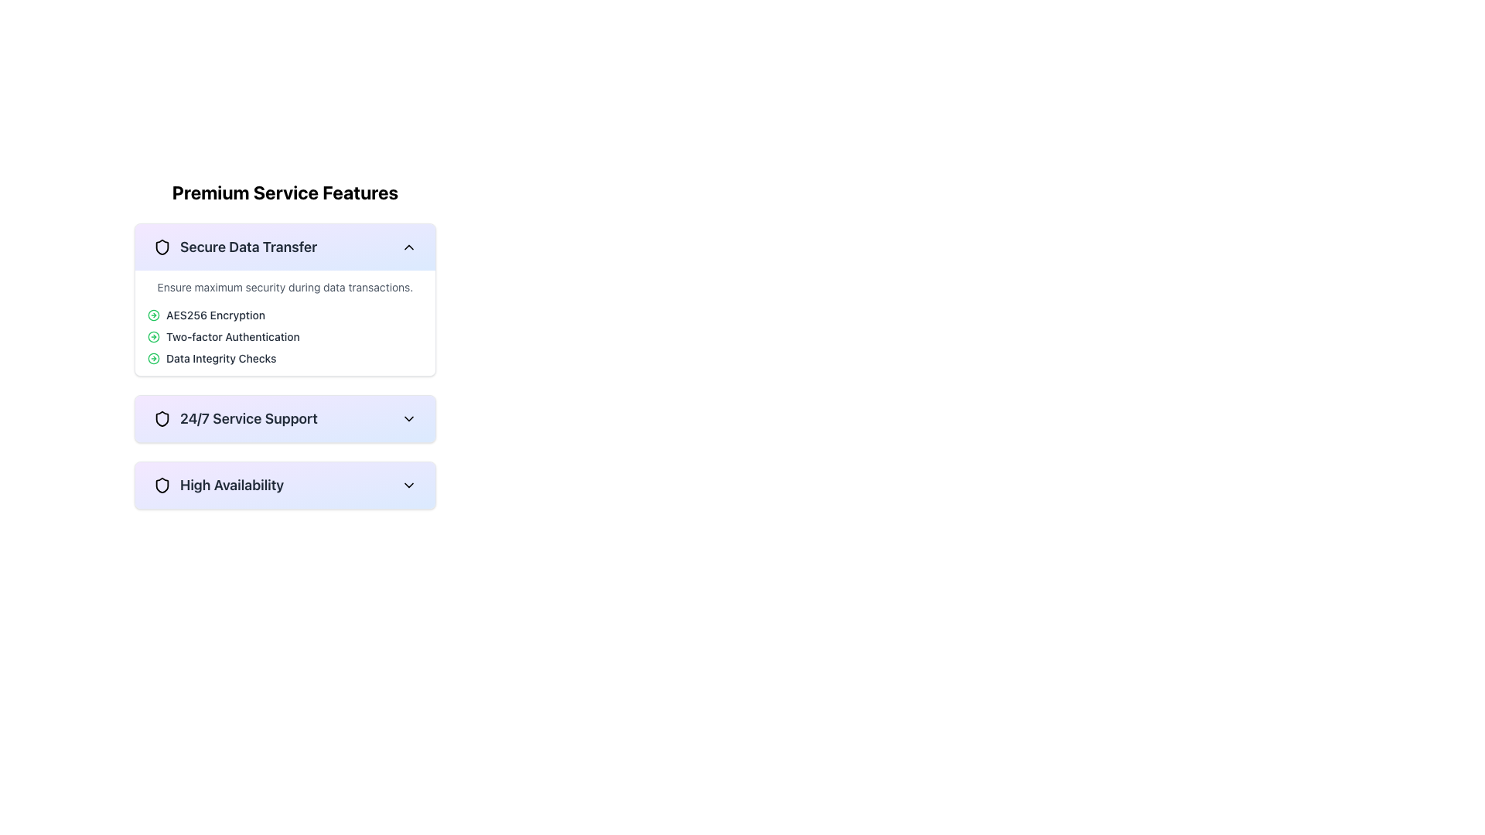 The height and width of the screenshot is (835, 1485). What do you see at coordinates (285, 336) in the screenshot?
I see `text of the List Item labeled 'Two-factor Authentication', which is styled in a medium-sized gray font and is the second item in the list under 'Secure Data Transfer'` at bounding box center [285, 336].